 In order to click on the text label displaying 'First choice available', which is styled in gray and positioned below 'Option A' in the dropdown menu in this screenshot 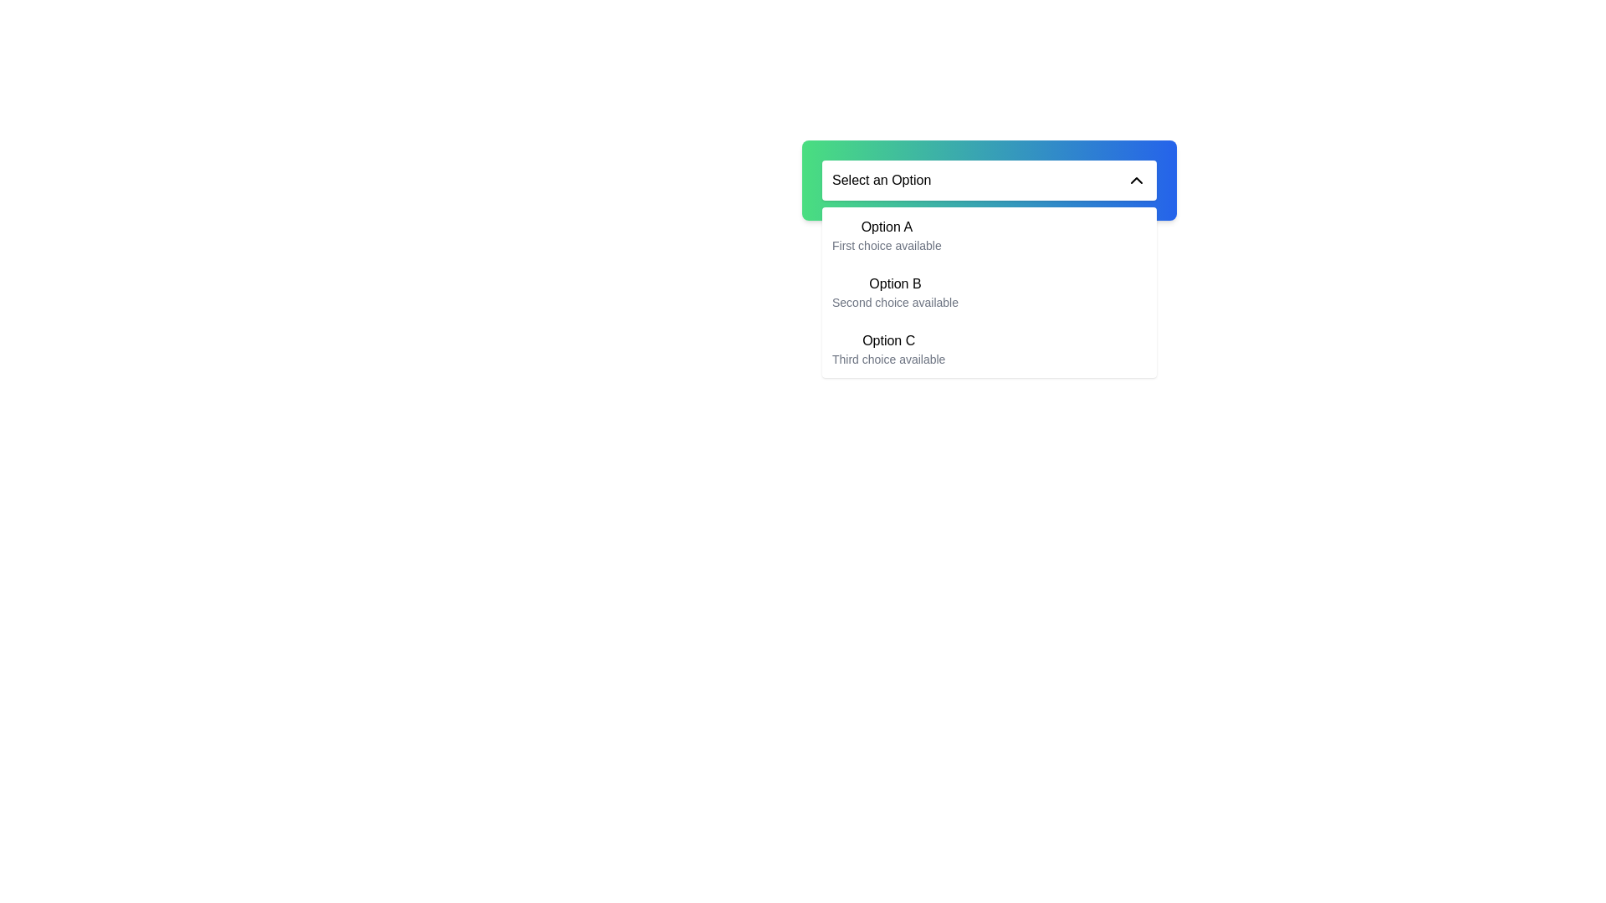, I will do `click(886, 245)`.